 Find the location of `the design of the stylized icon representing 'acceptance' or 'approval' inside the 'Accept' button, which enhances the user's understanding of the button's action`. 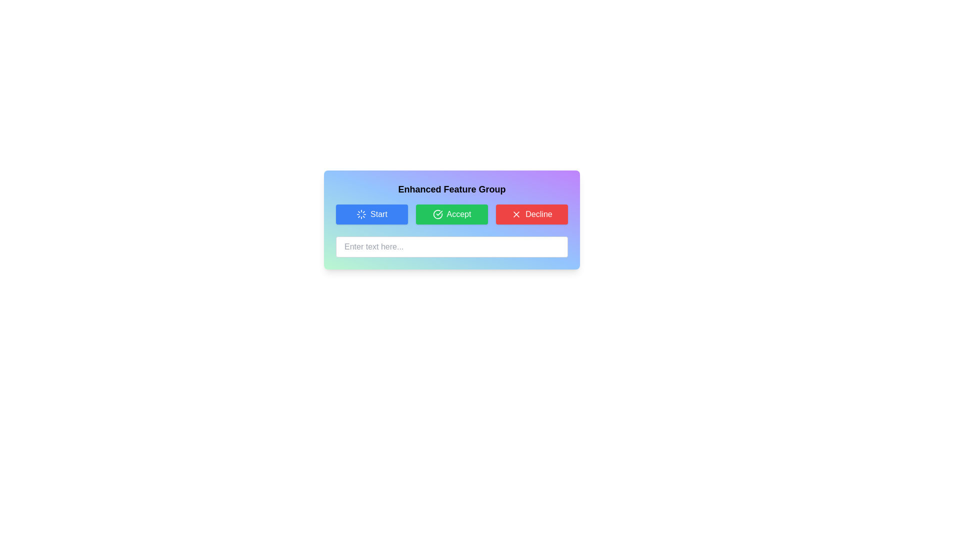

the design of the stylized icon representing 'acceptance' or 'approval' inside the 'Accept' button, which enhances the user's understanding of the button's action is located at coordinates (437, 213).